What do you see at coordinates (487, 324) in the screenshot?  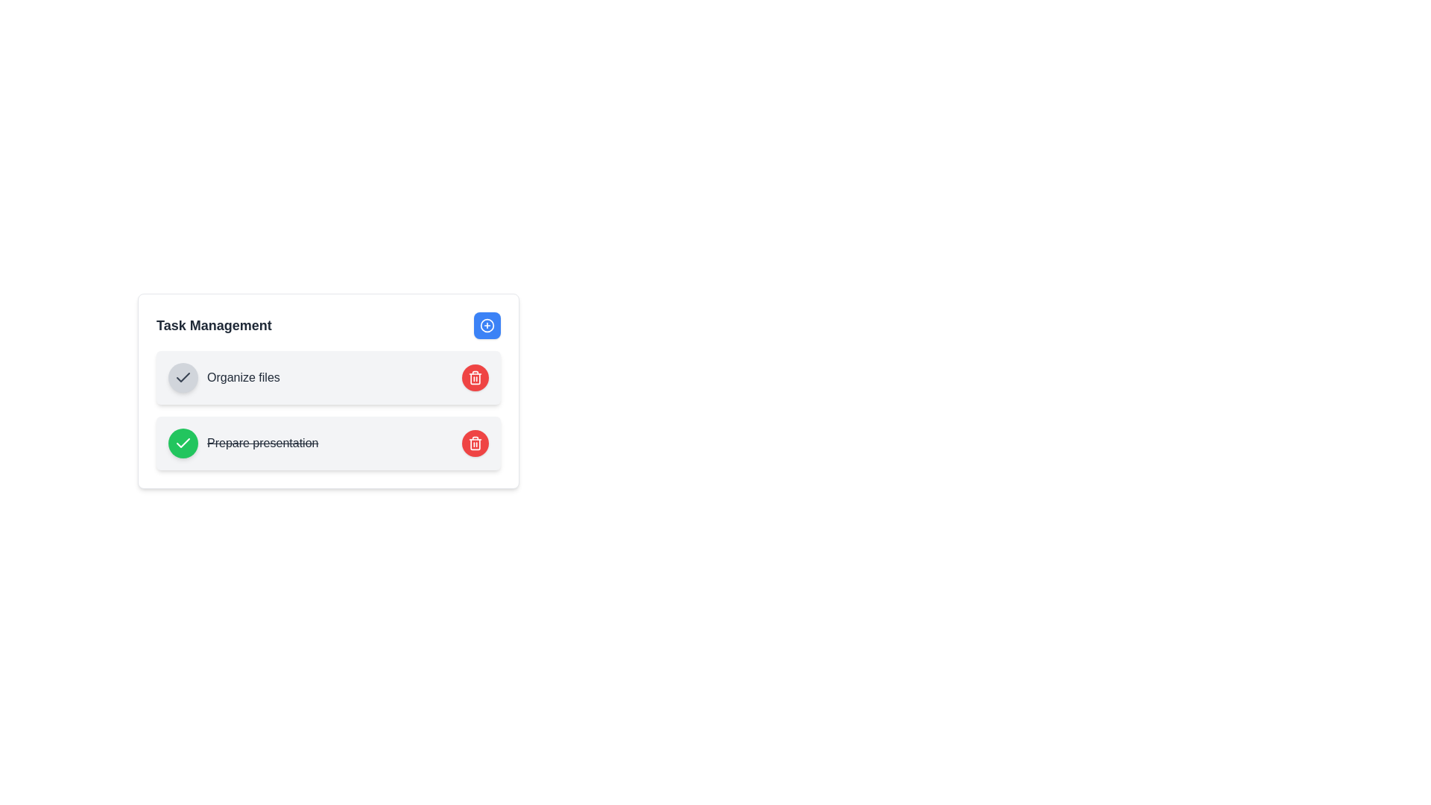 I see `the circular blue button with a white plus symbol, located in the upper-right corner of the 'Task Management' header section` at bounding box center [487, 324].